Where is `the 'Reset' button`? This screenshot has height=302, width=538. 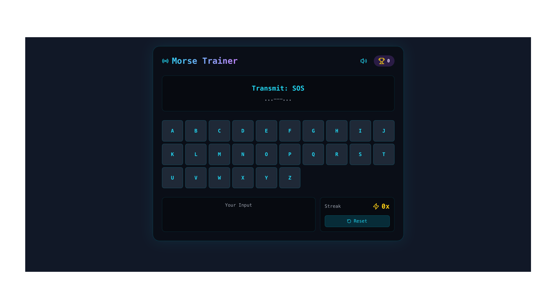
the 'Reset' button is located at coordinates (357, 221).